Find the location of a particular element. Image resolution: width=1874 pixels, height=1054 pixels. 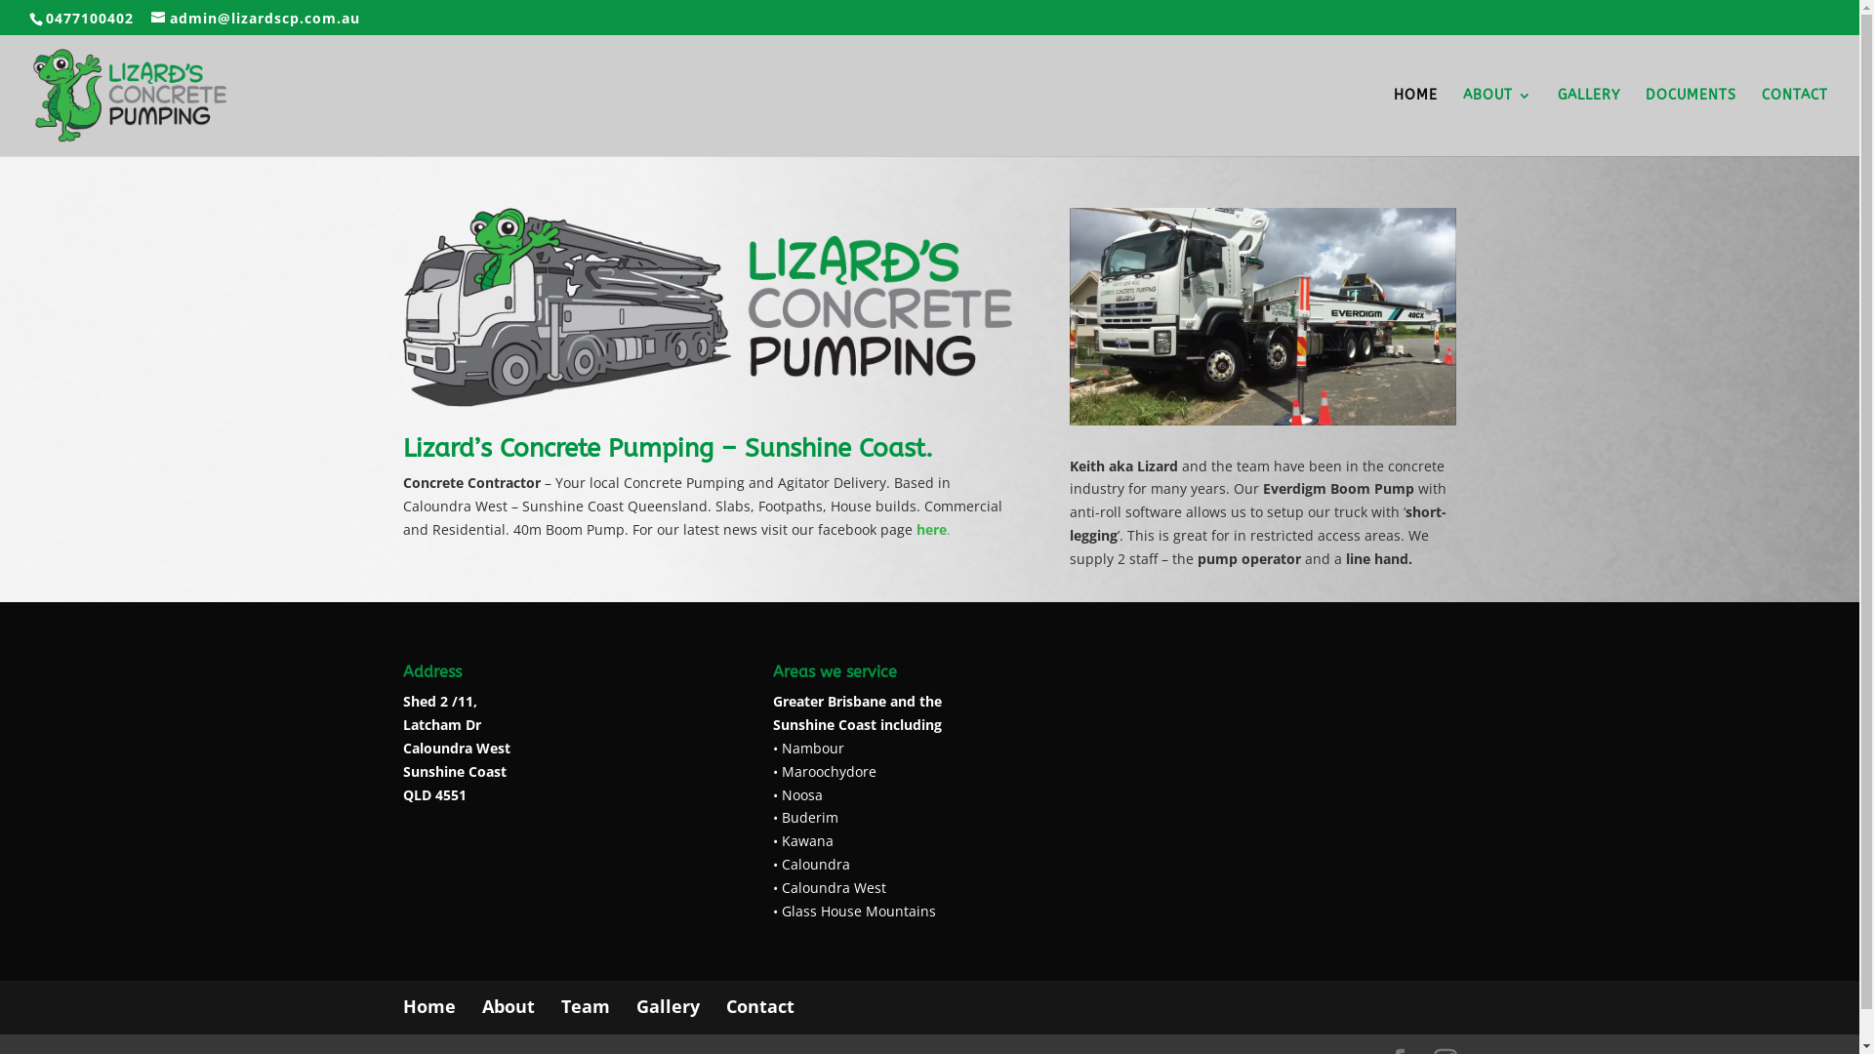

'admin@lizardscp.com.au' is located at coordinates (255, 17).